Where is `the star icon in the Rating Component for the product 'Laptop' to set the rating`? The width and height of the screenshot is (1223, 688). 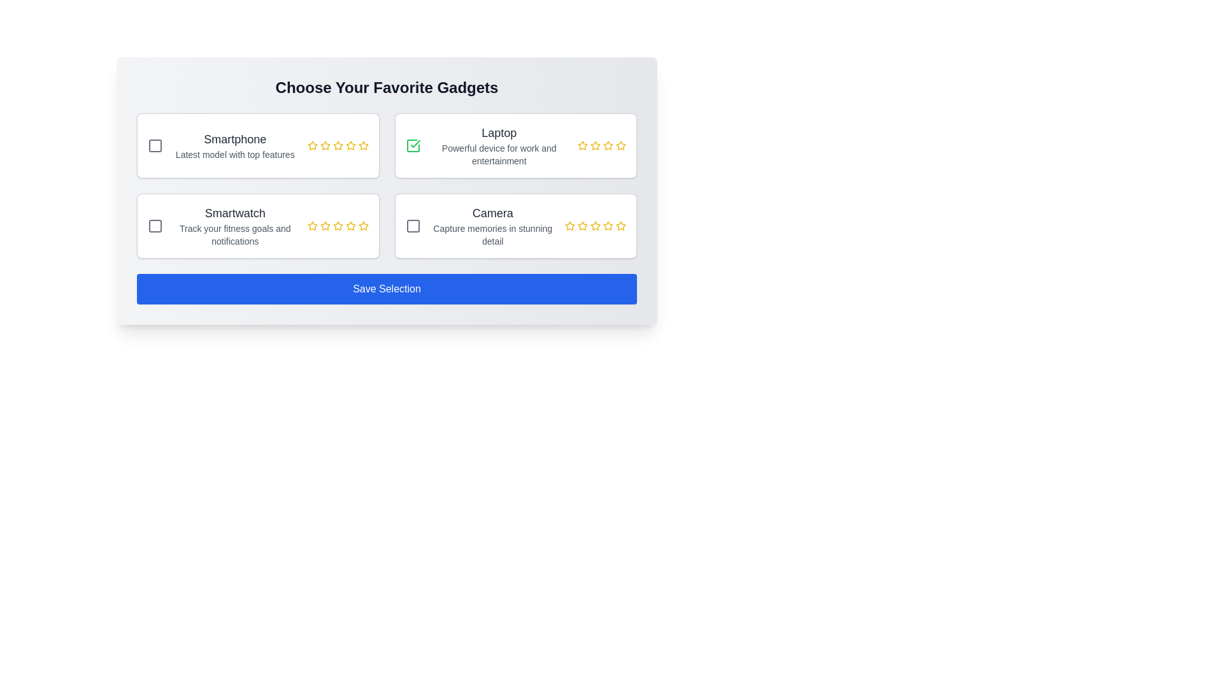 the star icon in the Rating Component for the product 'Laptop' to set the rating is located at coordinates (601, 145).